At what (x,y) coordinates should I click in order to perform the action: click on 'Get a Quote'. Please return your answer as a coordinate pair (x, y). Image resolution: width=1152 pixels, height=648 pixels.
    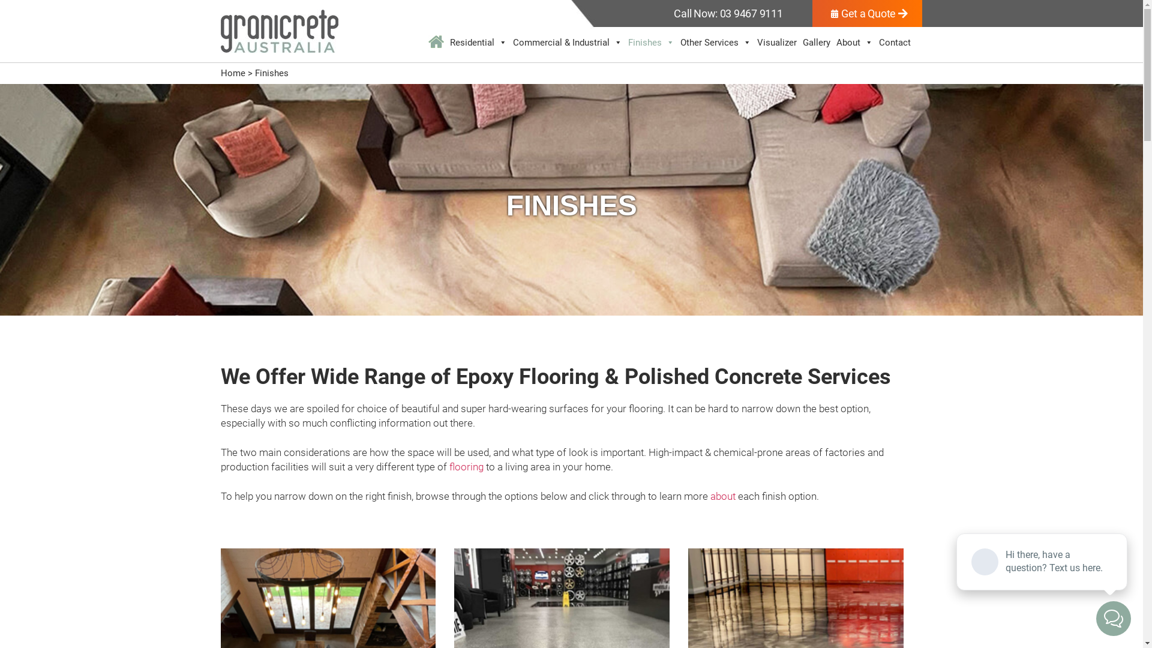
    Looking at the image, I should click on (867, 13).